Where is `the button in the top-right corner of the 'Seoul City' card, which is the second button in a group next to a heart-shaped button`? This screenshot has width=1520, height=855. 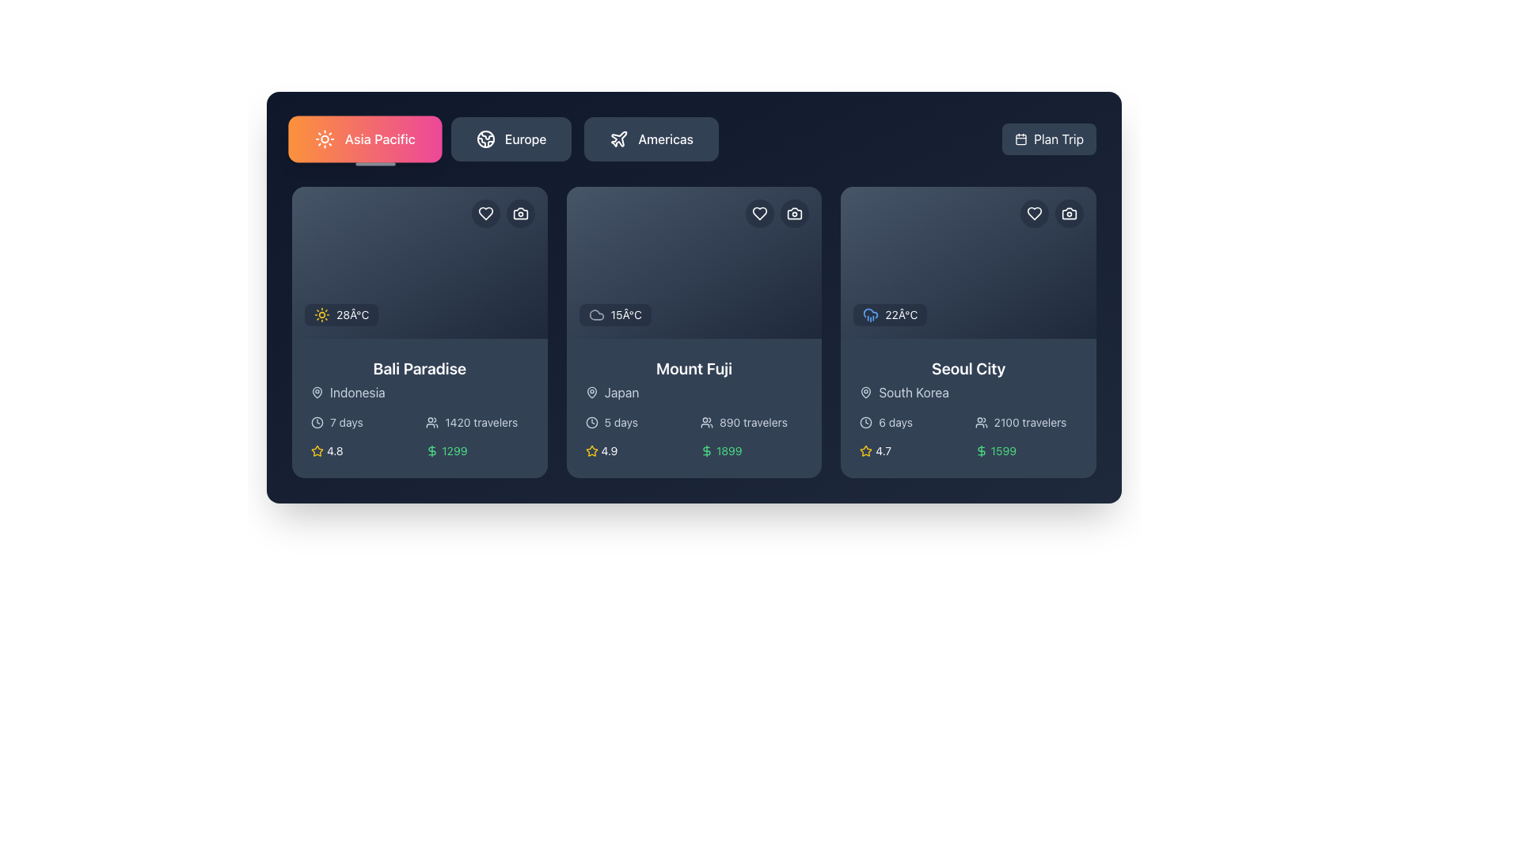 the button in the top-right corner of the 'Seoul City' card, which is the second button in a group next to a heart-shaped button is located at coordinates (1068, 214).